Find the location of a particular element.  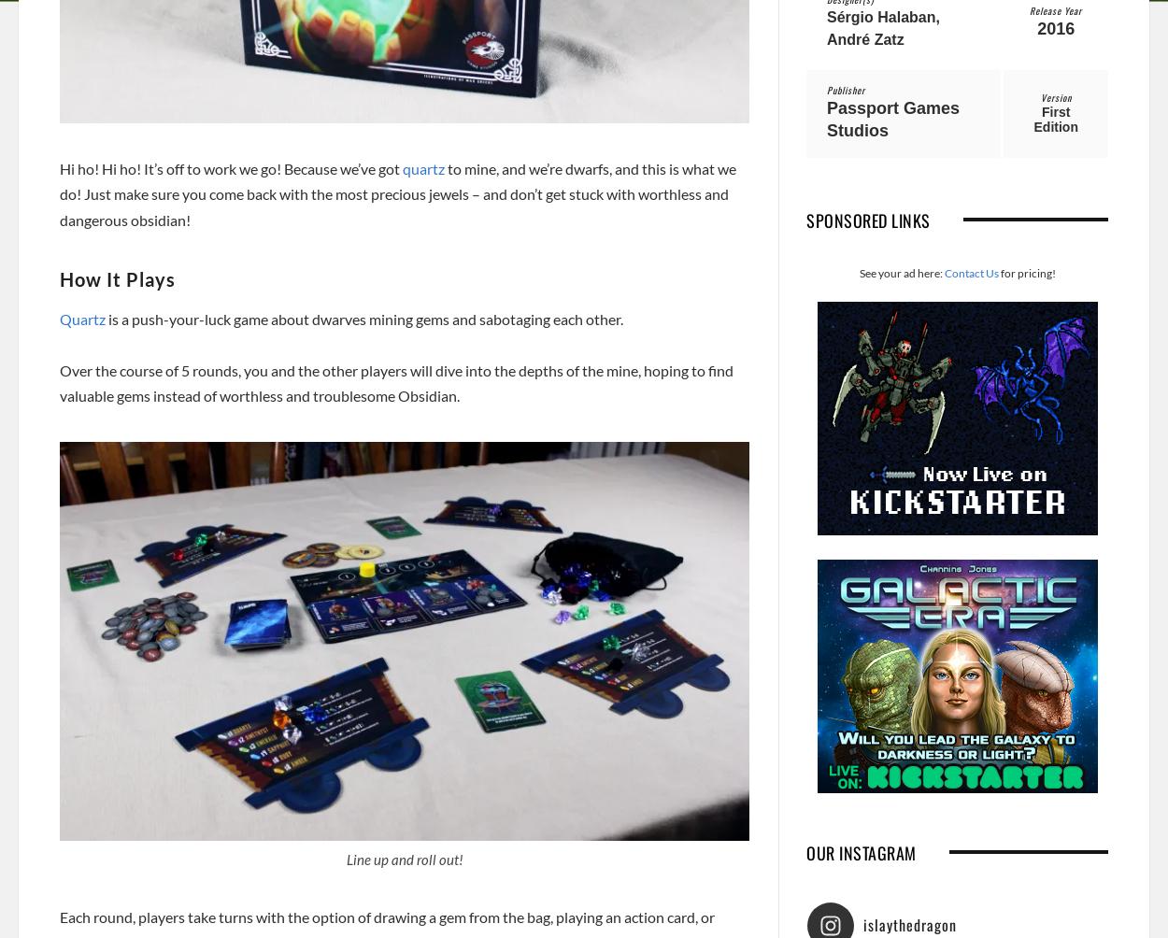

'Release Year' is located at coordinates (1056, 9).